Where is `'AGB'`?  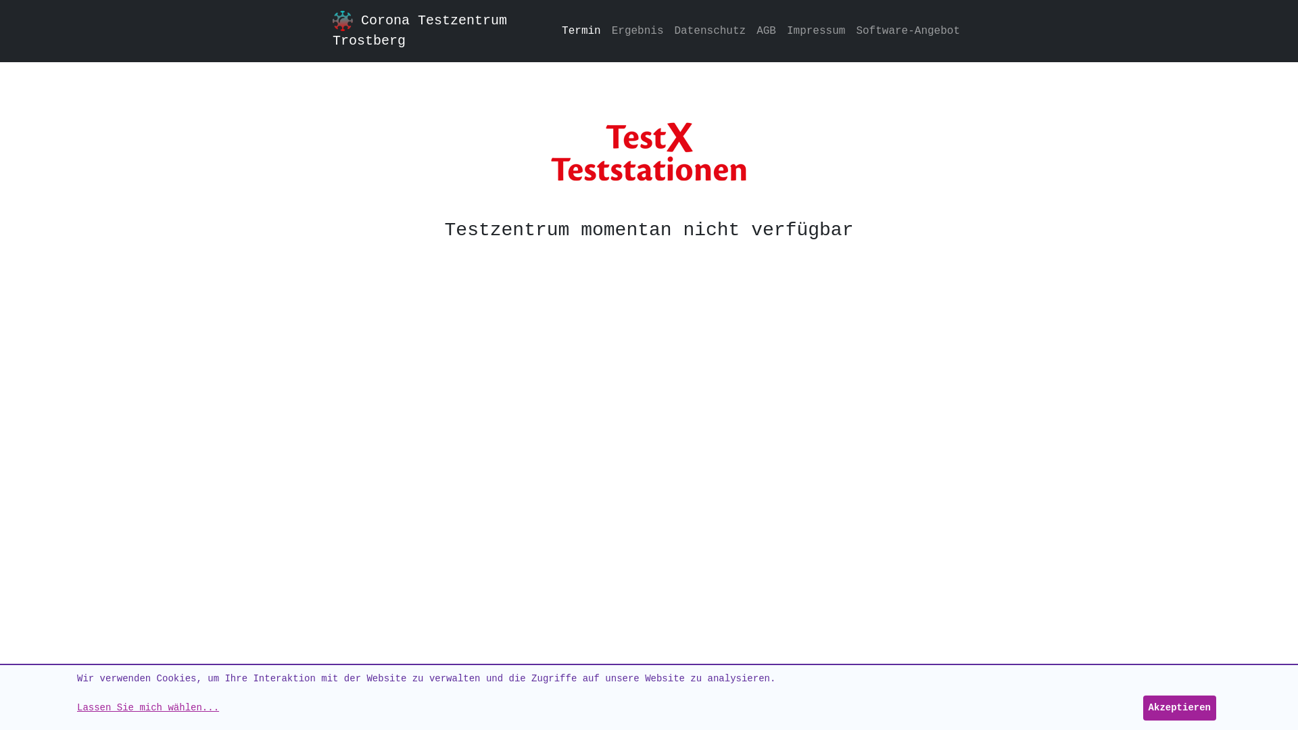 'AGB' is located at coordinates (750, 30).